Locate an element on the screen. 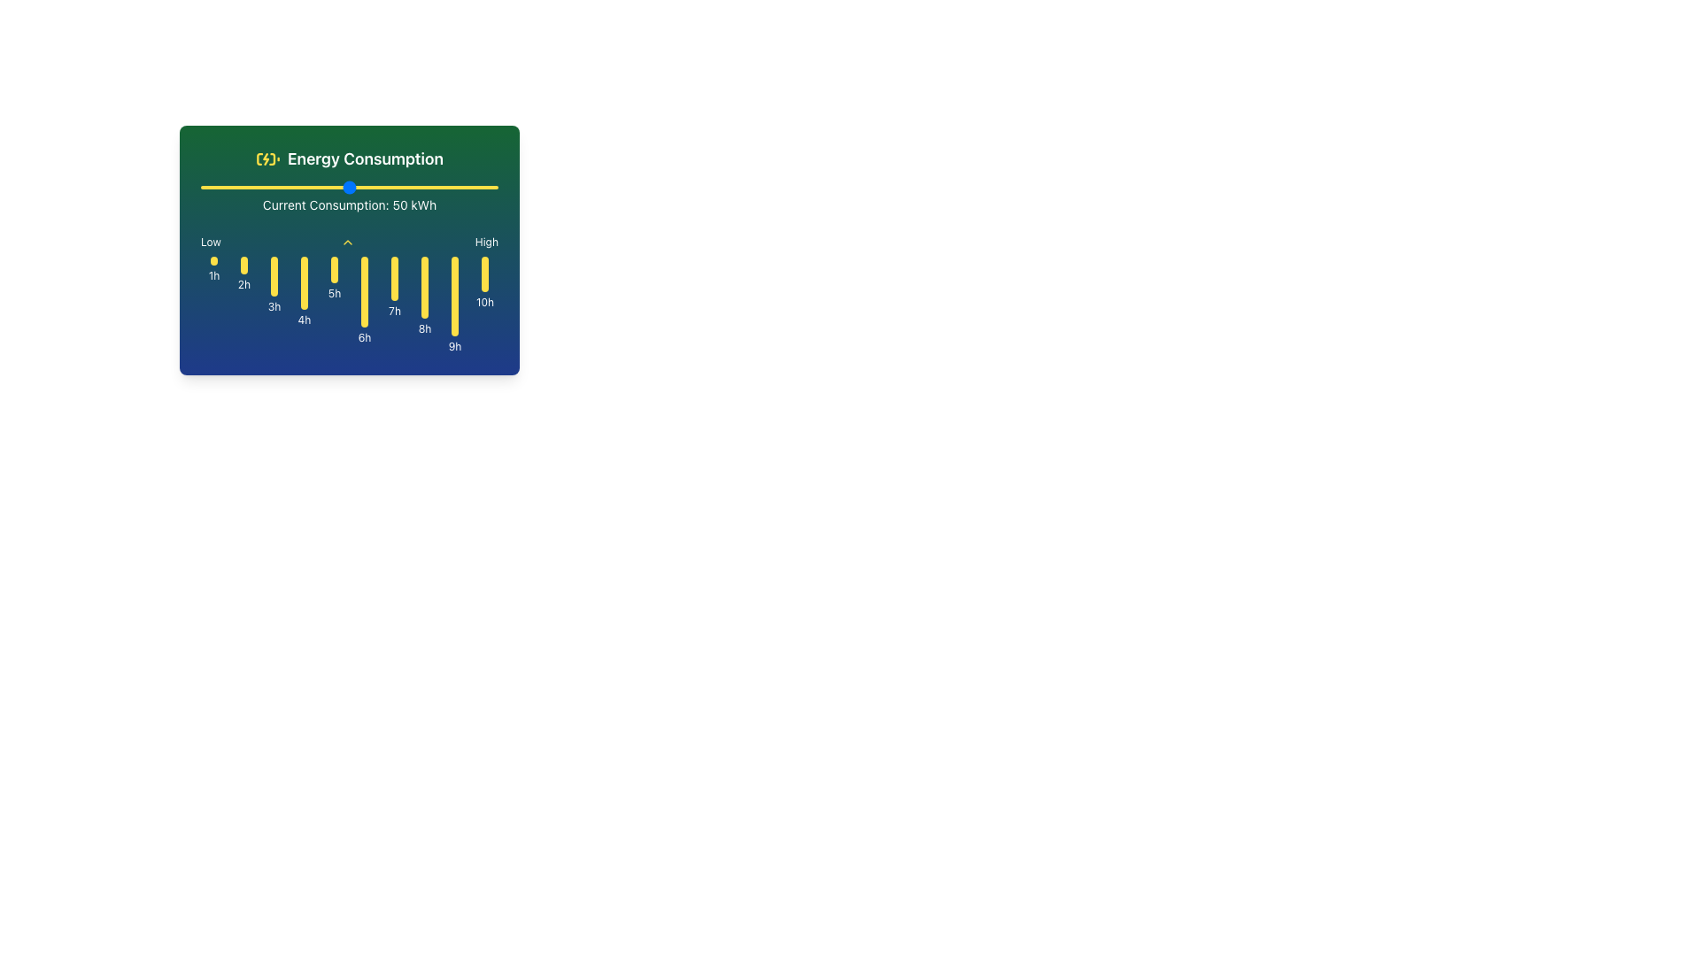 The width and height of the screenshot is (1700, 956). the energy consumption slider is located at coordinates (274, 189).